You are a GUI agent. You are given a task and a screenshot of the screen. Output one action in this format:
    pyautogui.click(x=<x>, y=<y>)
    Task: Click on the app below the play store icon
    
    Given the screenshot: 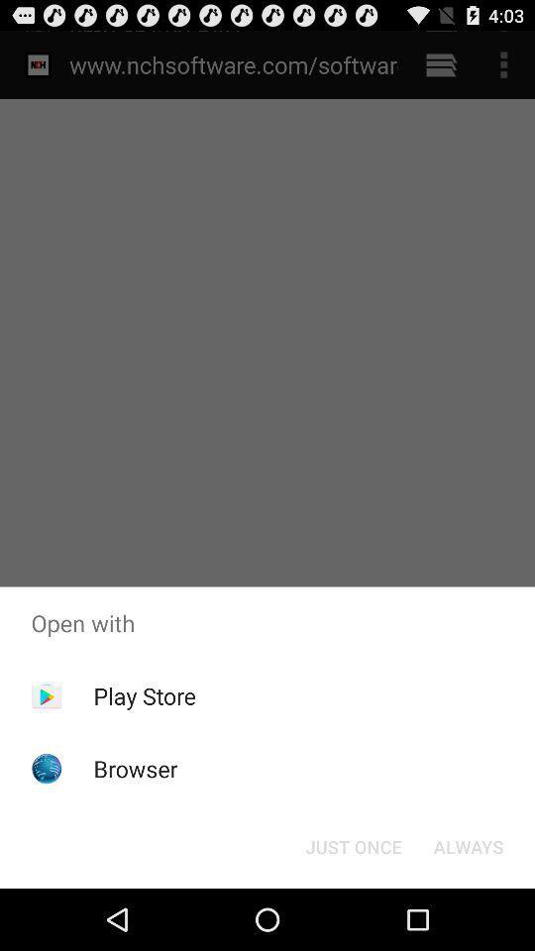 What is the action you would take?
    pyautogui.click(x=135, y=768)
    